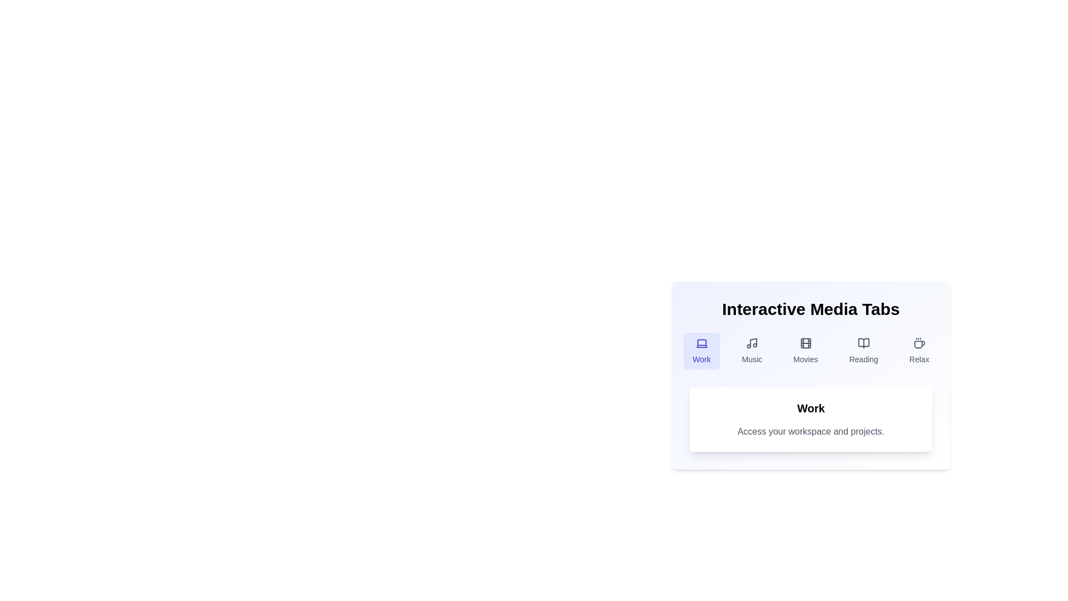 The width and height of the screenshot is (1068, 601). What do you see at coordinates (805, 351) in the screenshot?
I see `the tab labeled Movies by clicking on it` at bounding box center [805, 351].